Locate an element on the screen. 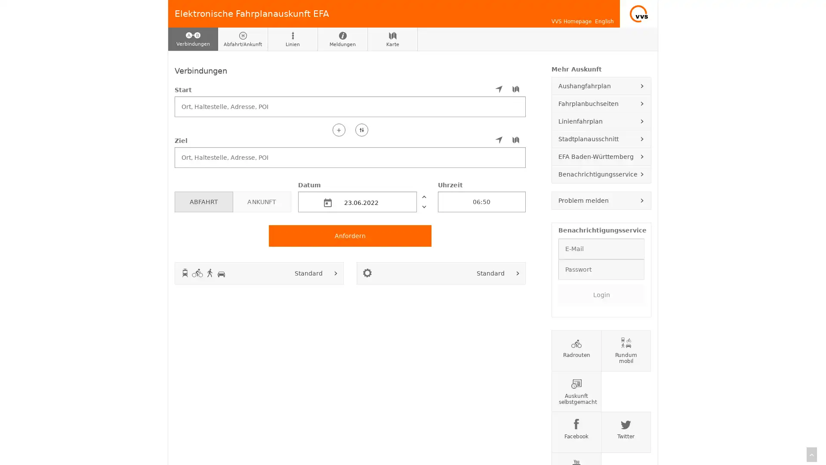 The image size is (826, 465). Start und Ziel tauschen is located at coordinates (361, 129).